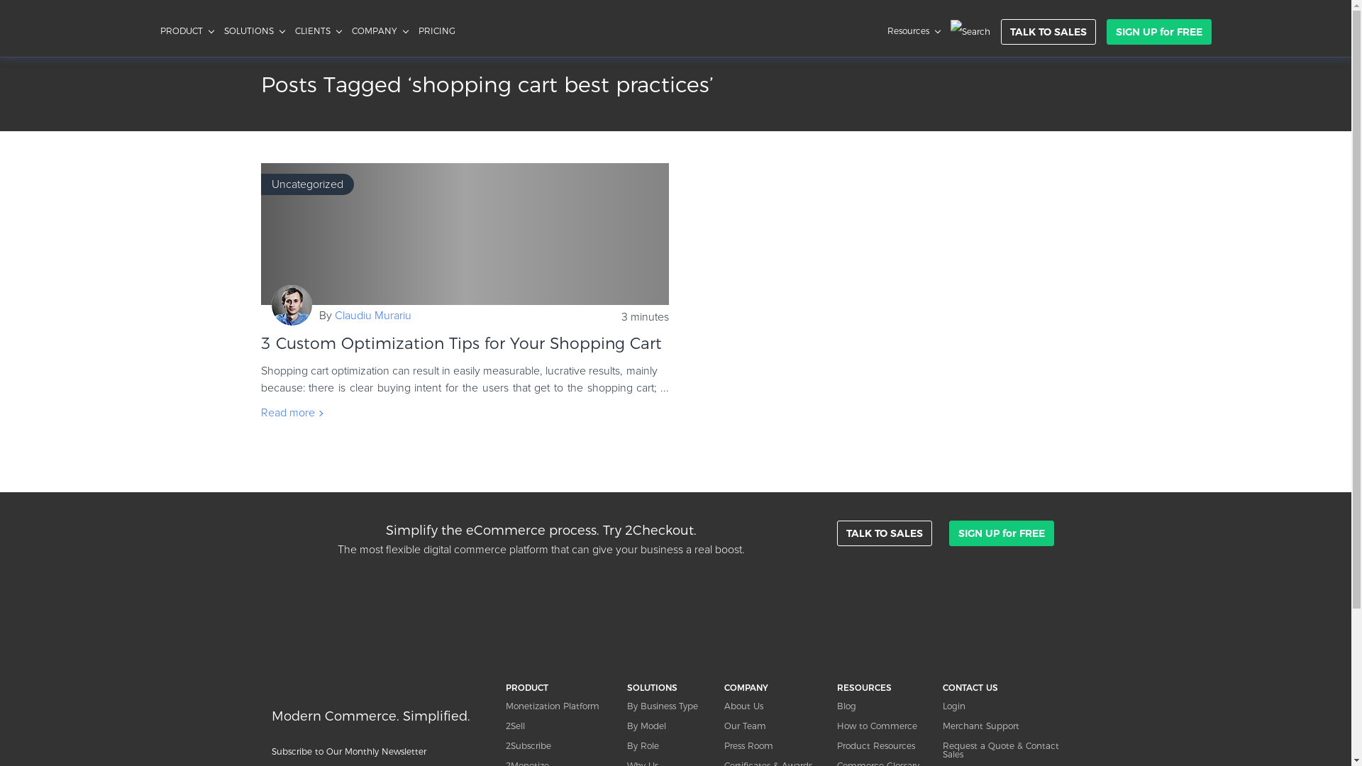 This screenshot has height=766, width=1362. Describe the element at coordinates (373, 313) in the screenshot. I see `'Claudiu Murariu'` at that location.